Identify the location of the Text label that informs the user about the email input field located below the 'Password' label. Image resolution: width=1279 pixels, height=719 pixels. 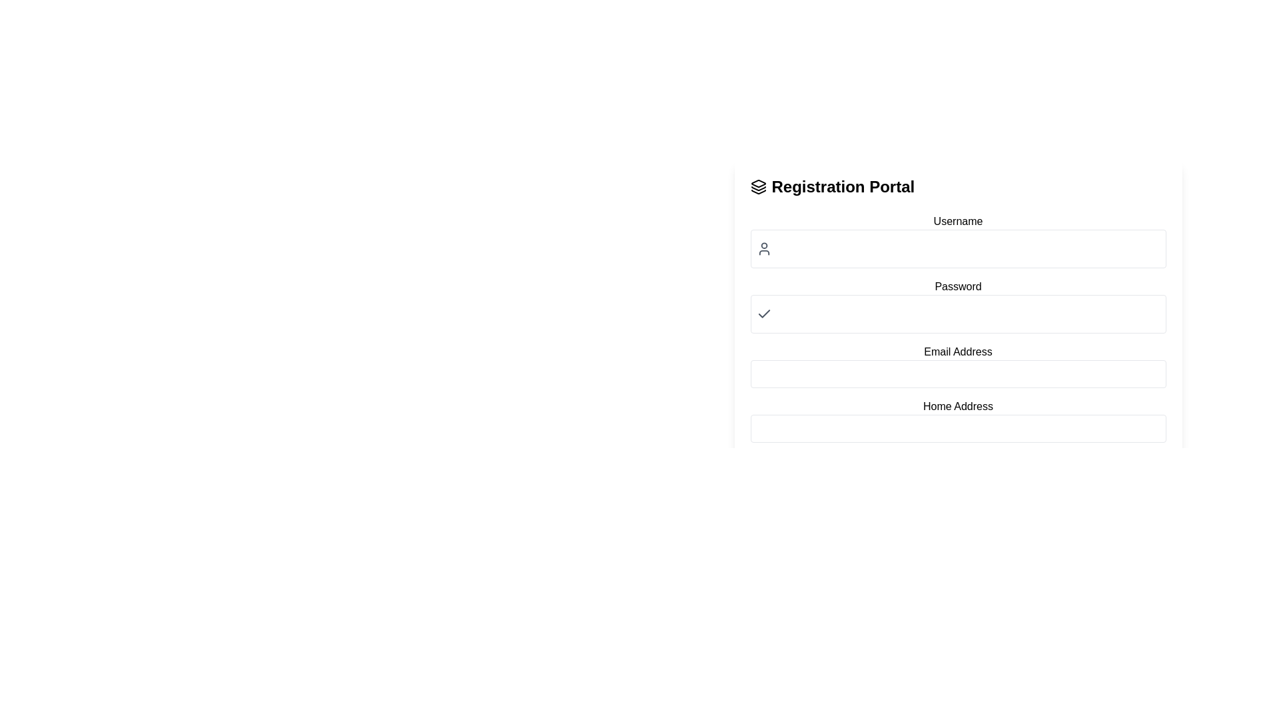
(957, 351).